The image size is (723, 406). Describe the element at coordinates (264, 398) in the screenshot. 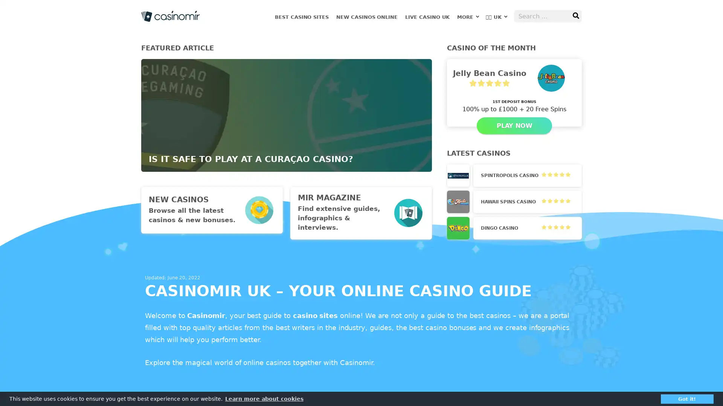

I see `learn more about cookies` at that location.